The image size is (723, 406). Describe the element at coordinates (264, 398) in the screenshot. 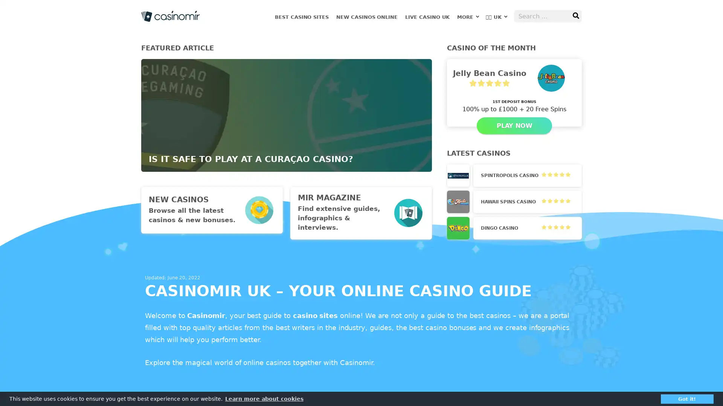

I see `learn more about cookies` at that location.